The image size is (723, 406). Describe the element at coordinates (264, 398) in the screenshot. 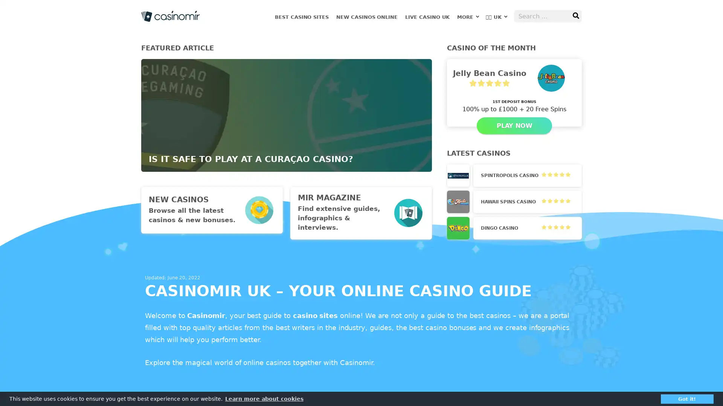

I see `learn more about cookies` at that location.